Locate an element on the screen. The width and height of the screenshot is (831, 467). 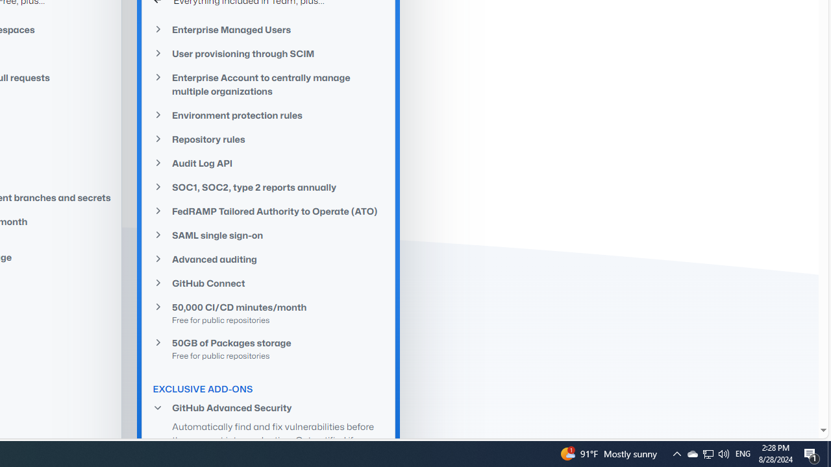
'FedRAMP Tailored Authority to Operate (ATO)' is located at coordinates (268, 210).